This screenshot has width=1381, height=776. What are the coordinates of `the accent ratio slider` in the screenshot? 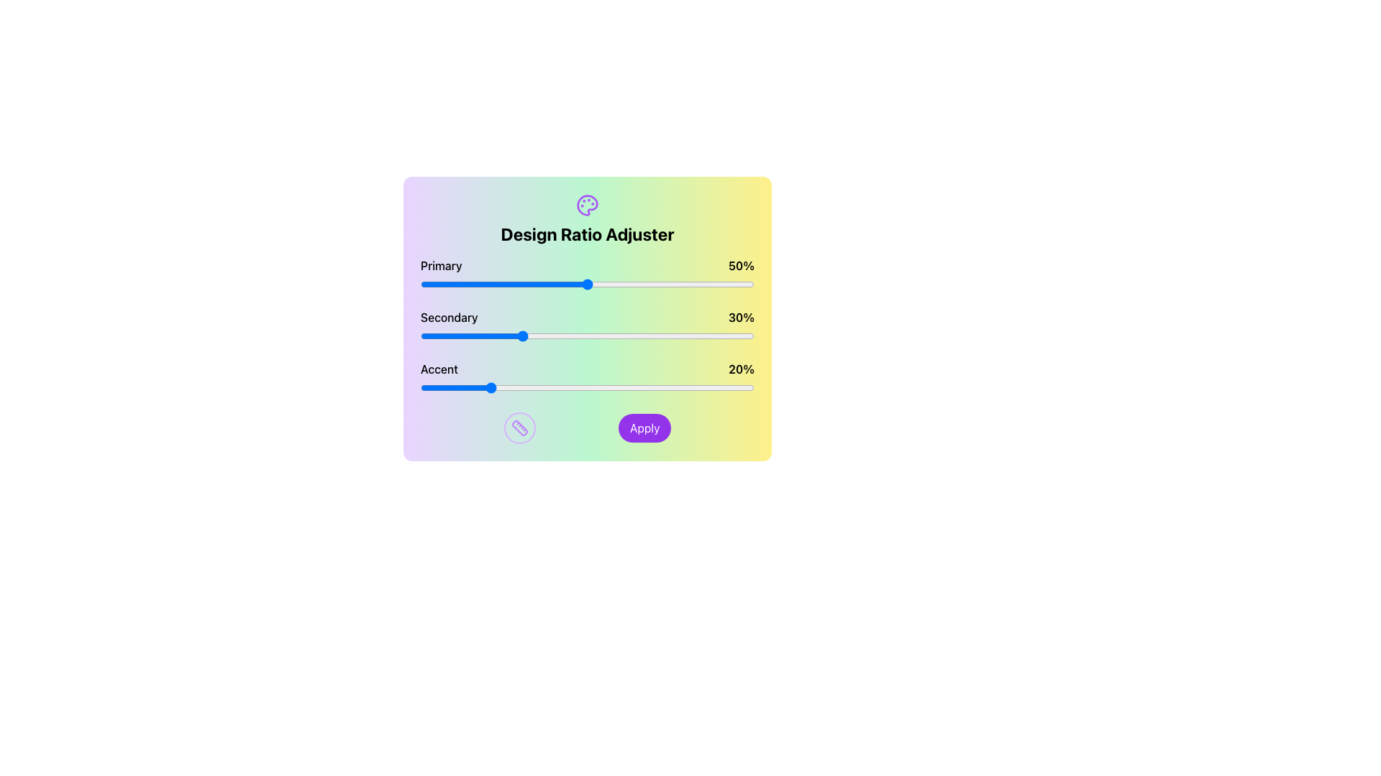 It's located at (467, 388).